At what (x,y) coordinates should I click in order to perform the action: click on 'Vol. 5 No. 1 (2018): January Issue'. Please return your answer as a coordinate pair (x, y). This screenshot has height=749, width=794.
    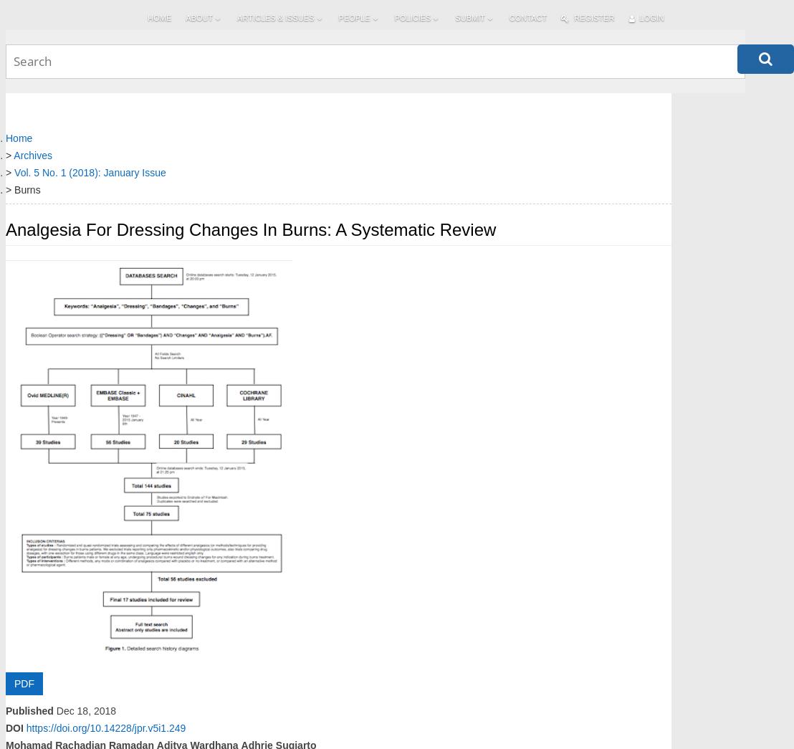
    Looking at the image, I should click on (90, 171).